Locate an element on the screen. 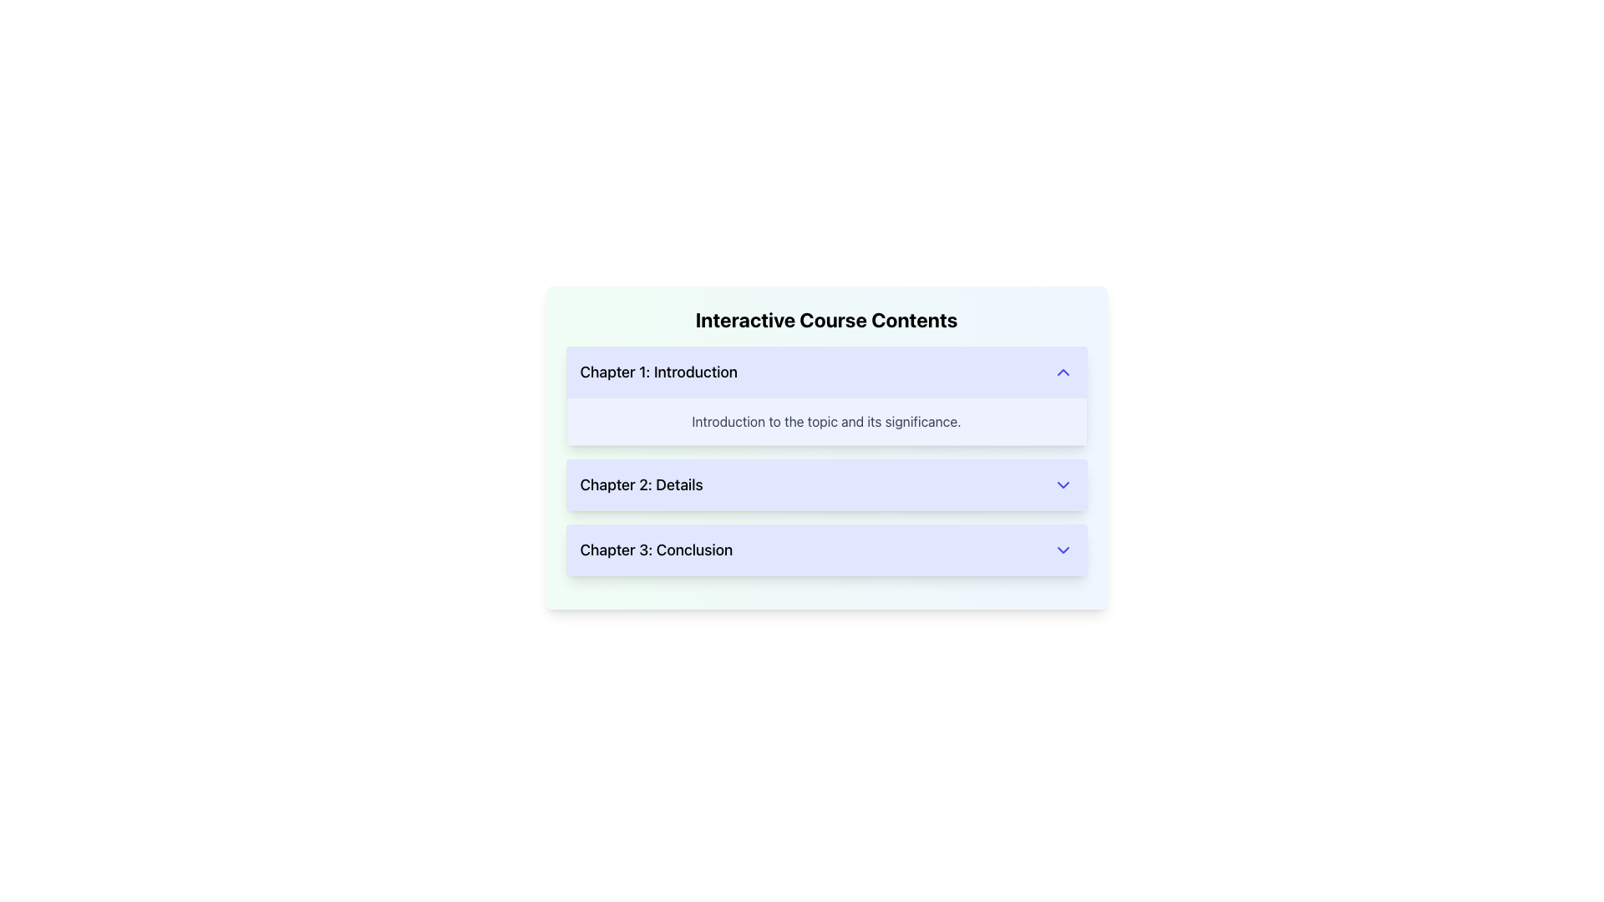 The height and width of the screenshot is (902, 1604). attributes of the 'Chapter 2: Details' Collapsible Section Header in the developer tools is located at coordinates (826, 485).